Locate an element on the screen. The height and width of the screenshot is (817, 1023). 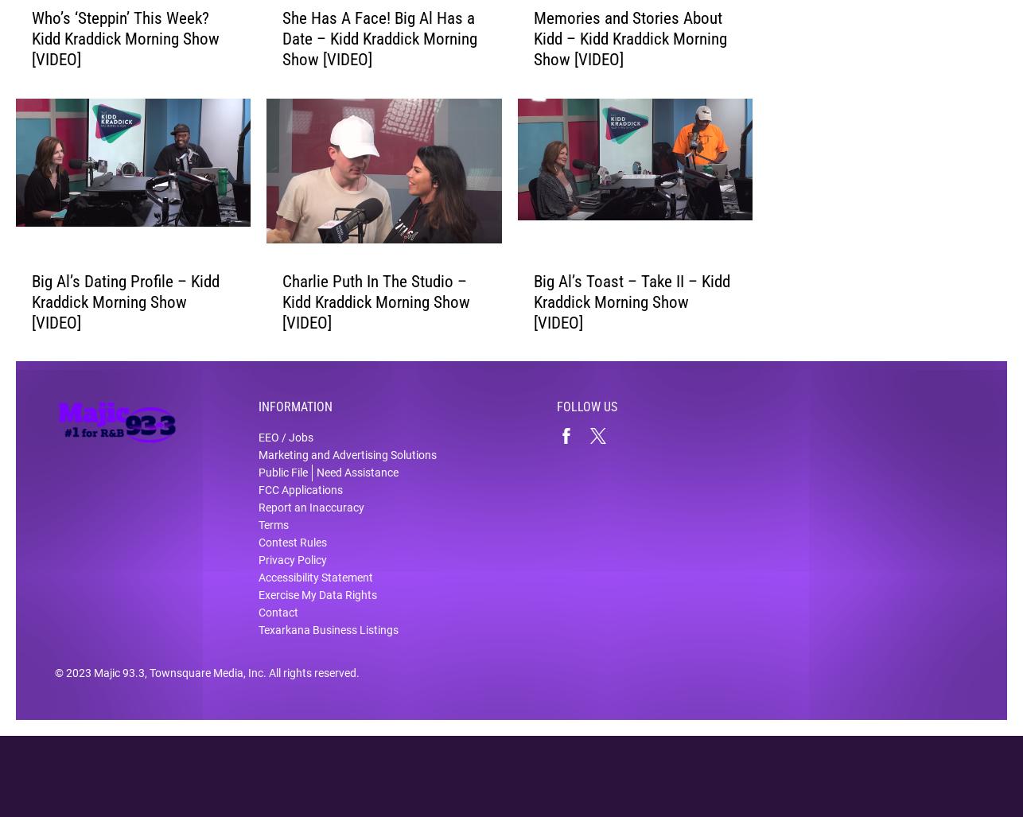
'Contest Rules' is located at coordinates (292, 553).